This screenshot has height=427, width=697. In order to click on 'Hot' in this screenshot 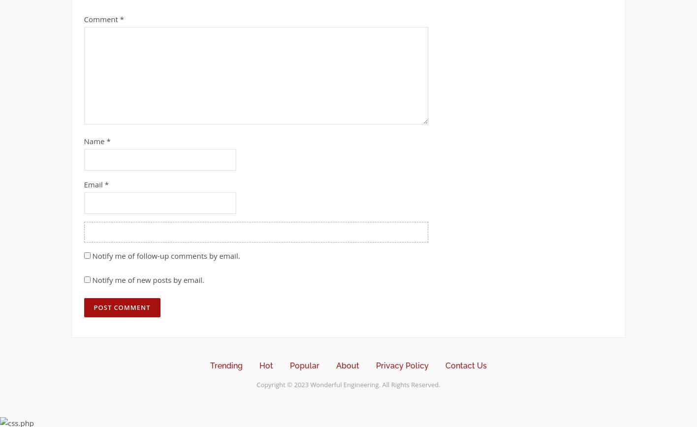, I will do `click(266, 365)`.